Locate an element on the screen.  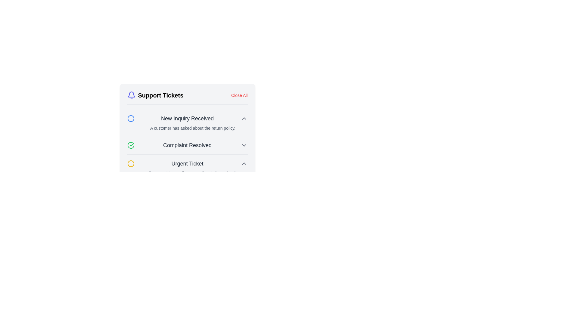
SVG Circle element that represents urgency in the 'Urgent Ticket' icon, located adjacent to the text 'Urgent Ticket' is located at coordinates (130, 163).